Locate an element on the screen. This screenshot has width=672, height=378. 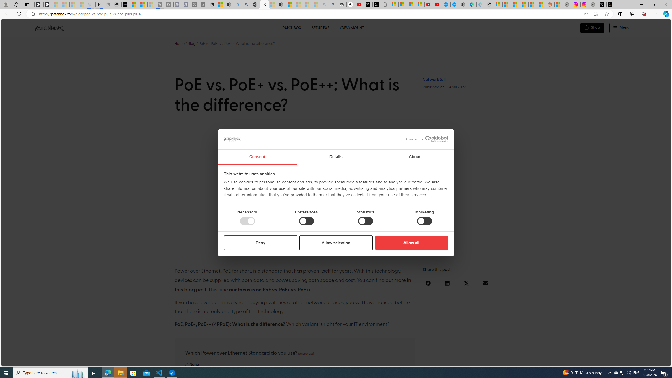
'Share on linkedin' is located at coordinates (447, 283).